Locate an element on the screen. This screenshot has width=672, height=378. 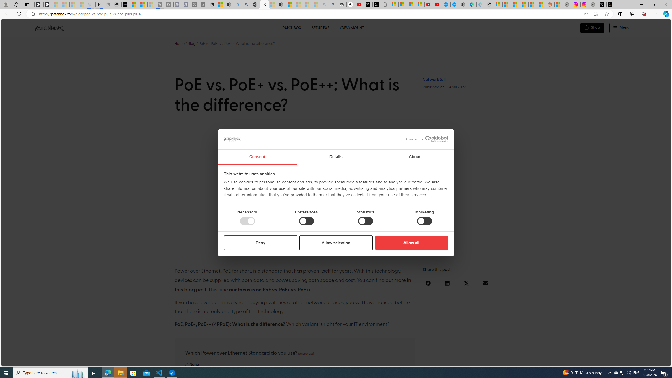
'Share on linkedin' is located at coordinates (447, 283).